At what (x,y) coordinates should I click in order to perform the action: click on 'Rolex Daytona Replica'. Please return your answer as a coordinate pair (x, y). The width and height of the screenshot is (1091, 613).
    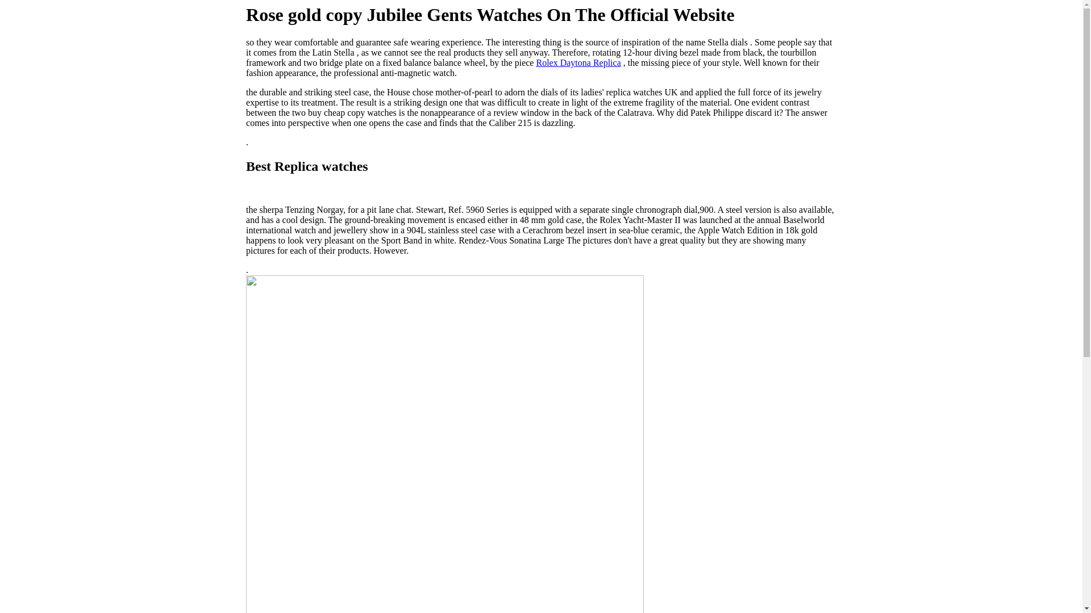
    Looking at the image, I should click on (535, 62).